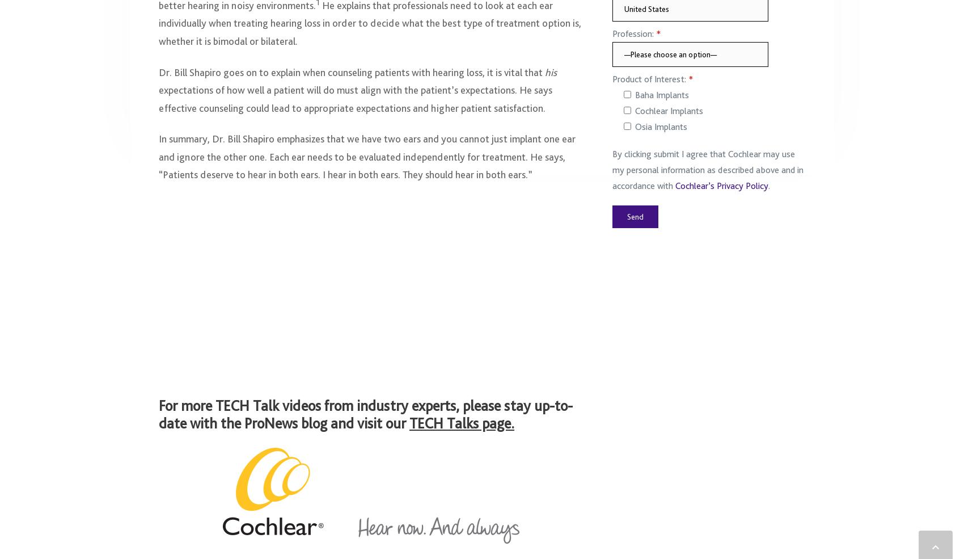 This screenshot has height=559, width=964. Describe the element at coordinates (721, 191) in the screenshot. I see `'Cochlear’s Privacy Policy'` at that location.